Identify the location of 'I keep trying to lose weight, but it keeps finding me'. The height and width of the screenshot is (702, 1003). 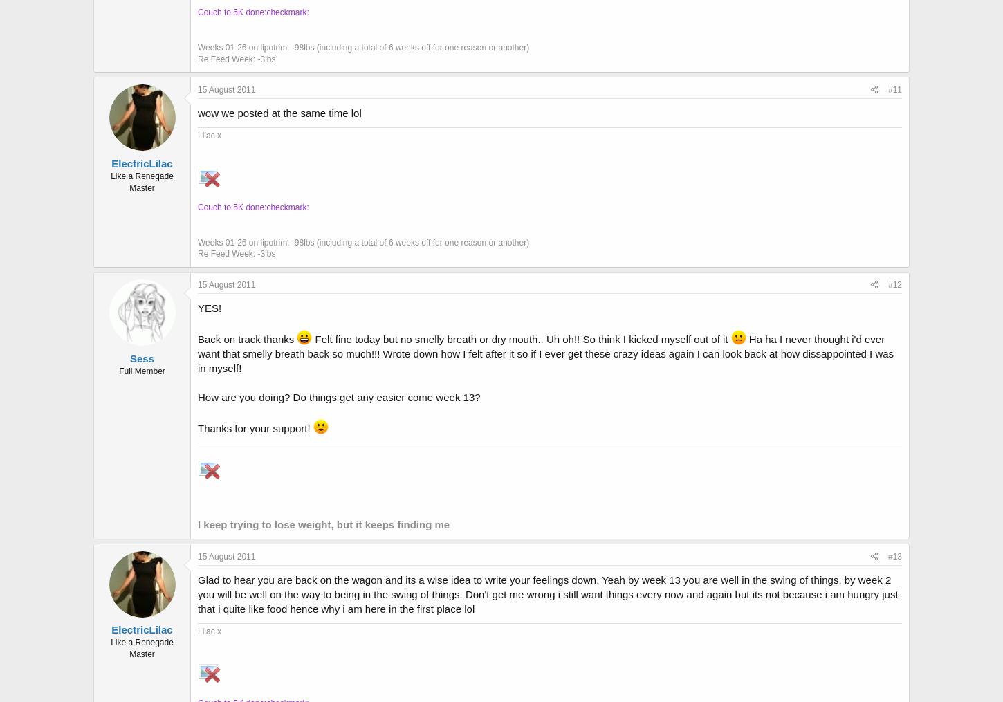
(323, 523).